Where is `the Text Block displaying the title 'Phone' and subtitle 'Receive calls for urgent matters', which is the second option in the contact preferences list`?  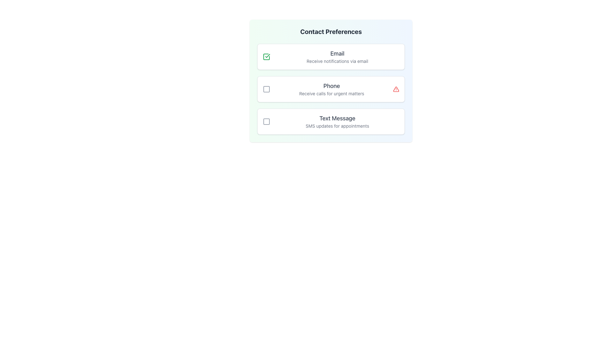
the Text Block displaying the title 'Phone' and subtitle 'Receive calls for urgent matters', which is the second option in the contact preferences list is located at coordinates (331, 89).